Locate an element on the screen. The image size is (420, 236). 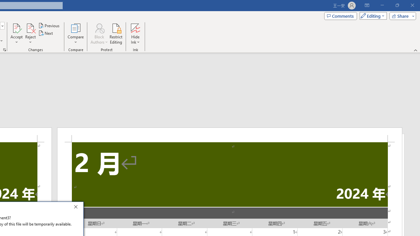
'Accept' is located at coordinates (16, 34).